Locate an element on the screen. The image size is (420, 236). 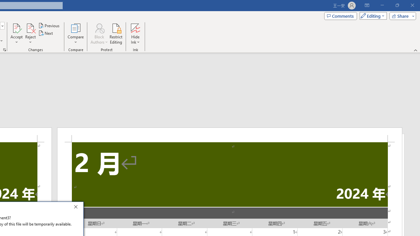
'Accept' is located at coordinates (16, 34).